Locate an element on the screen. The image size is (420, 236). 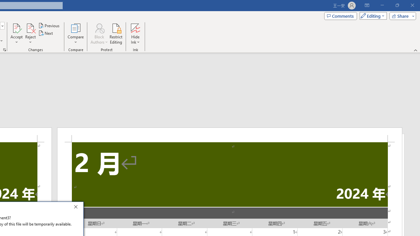
'Accept' is located at coordinates (16, 34).